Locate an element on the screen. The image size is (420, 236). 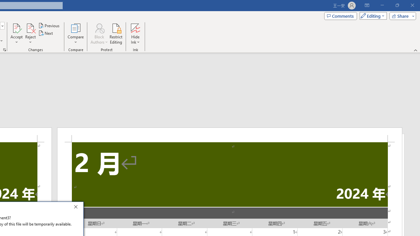
'Accept' is located at coordinates (16, 34).